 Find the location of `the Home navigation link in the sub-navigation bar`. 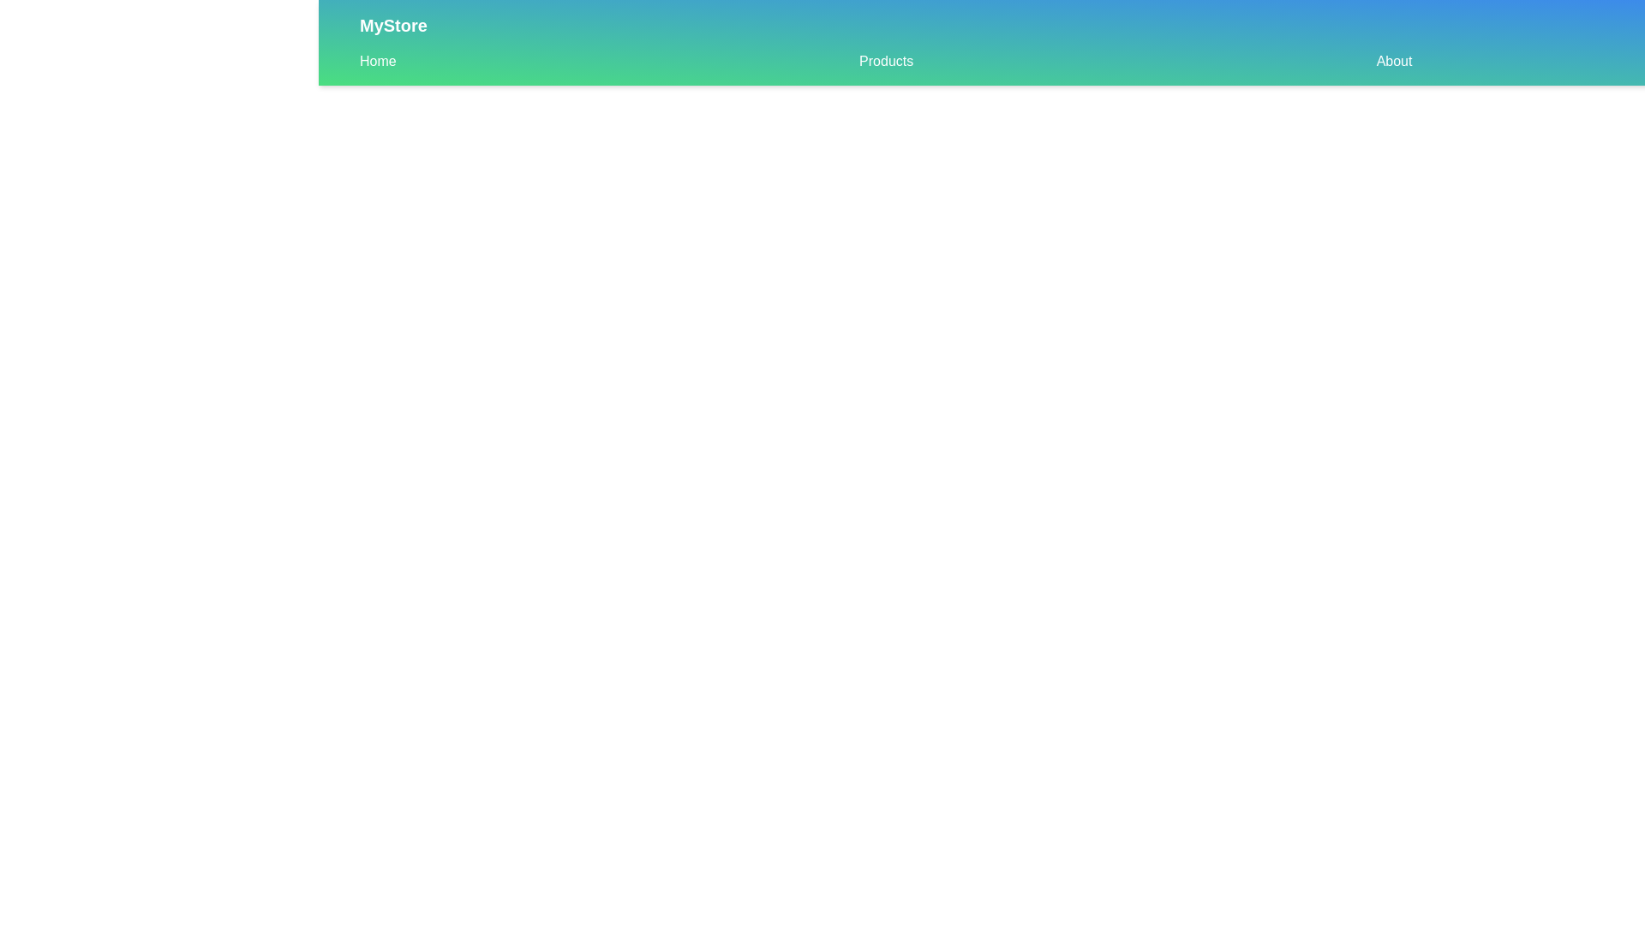

the Home navigation link in the sub-navigation bar is located at coordinates (377, 61).